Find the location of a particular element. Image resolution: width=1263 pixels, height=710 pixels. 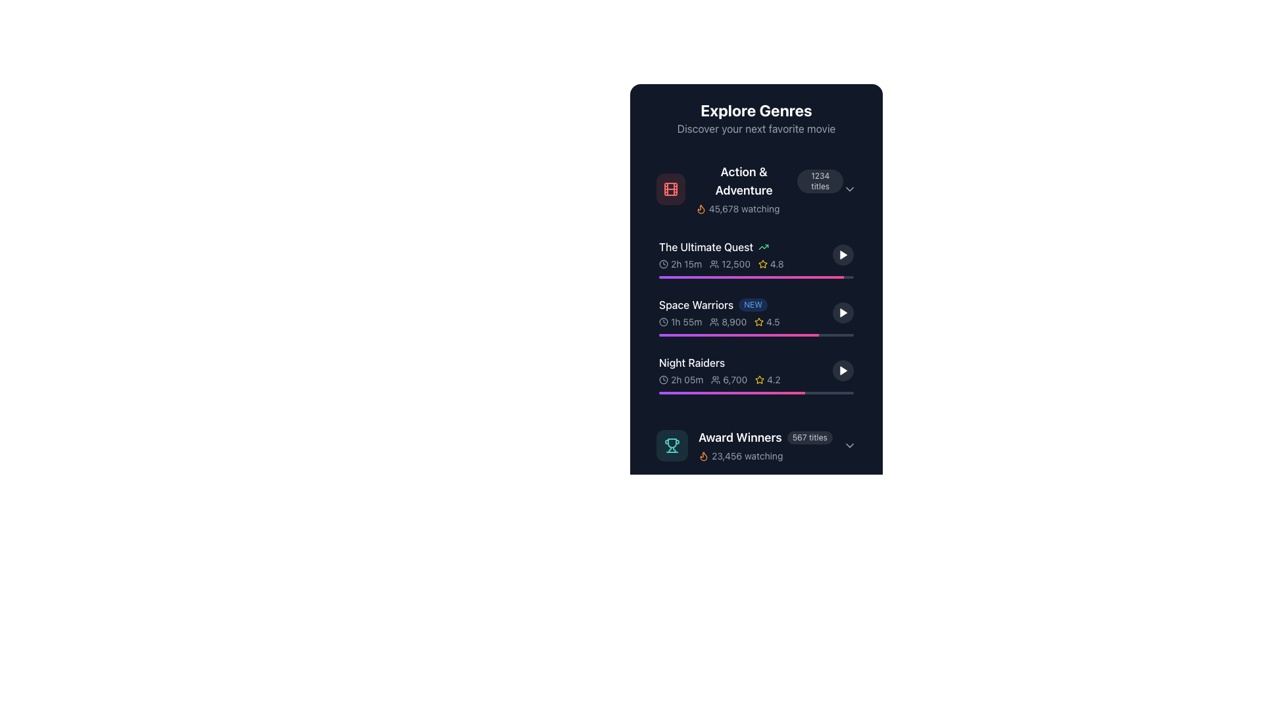

the text element indicating the current number of viewers or users engaged with the 'Action & Adventure' category, located at the bottom section of the category card is located at coordinates (769, 208).